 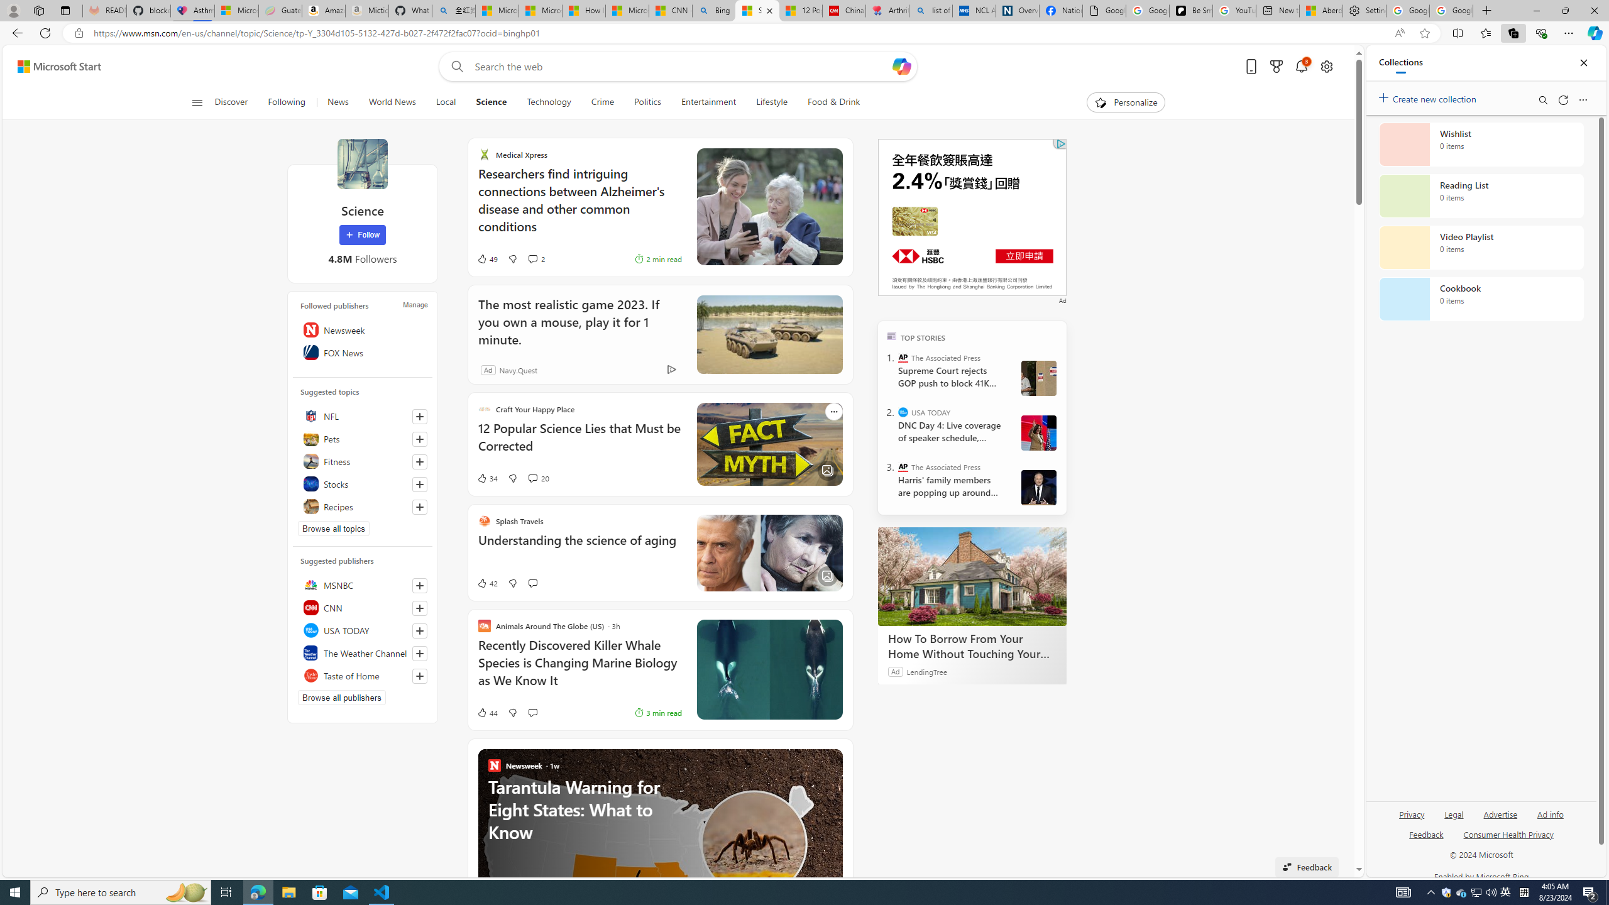 I want to click on 'Lifestyle', so click(x=771, y=102).